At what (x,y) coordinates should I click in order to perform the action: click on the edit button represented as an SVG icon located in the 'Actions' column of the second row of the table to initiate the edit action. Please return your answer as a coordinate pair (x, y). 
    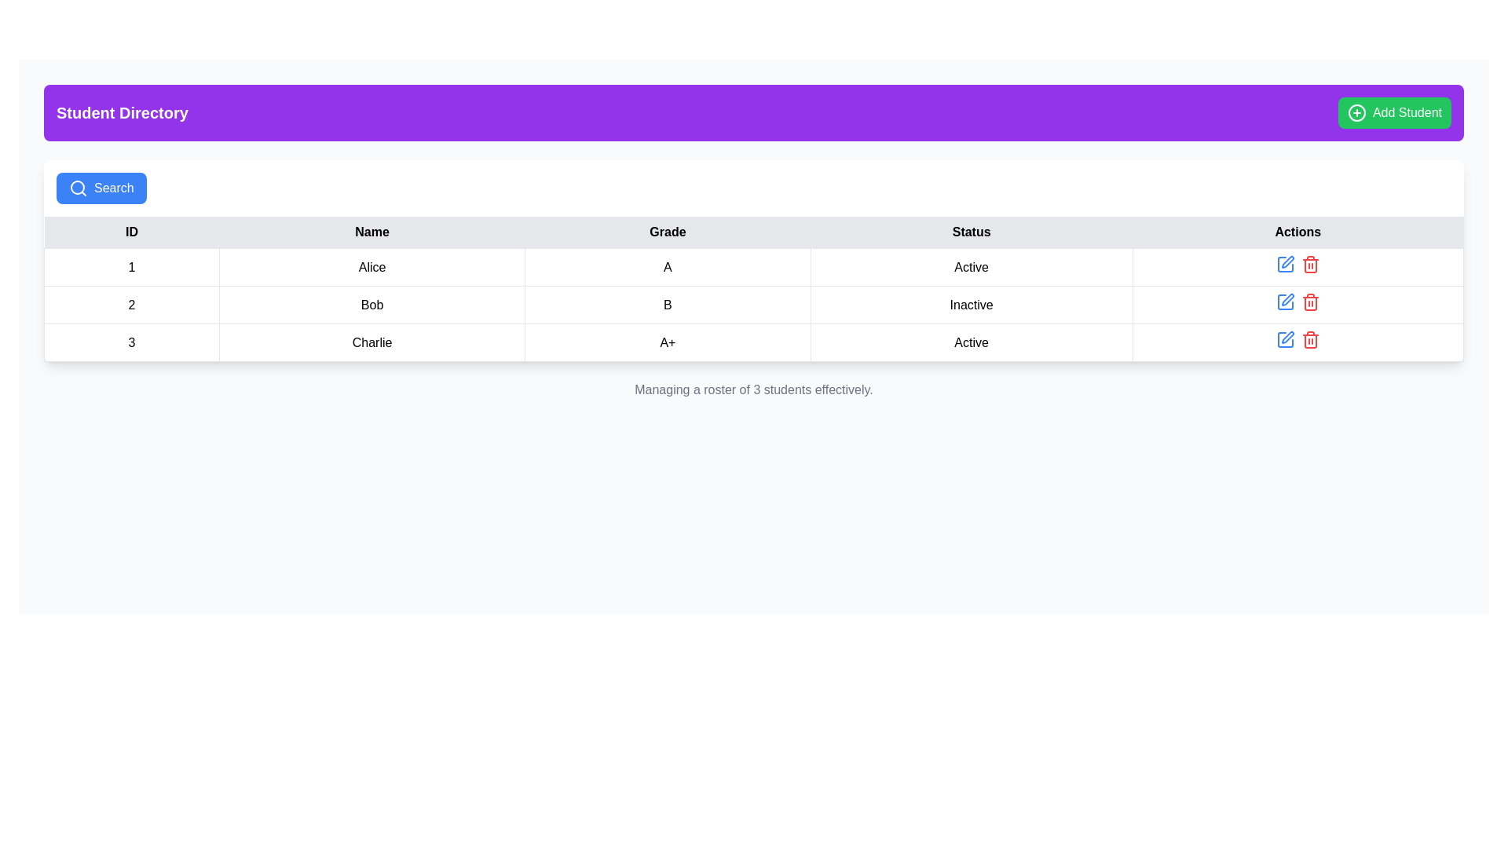
    Looking at the image, I should click on (1285, 302).